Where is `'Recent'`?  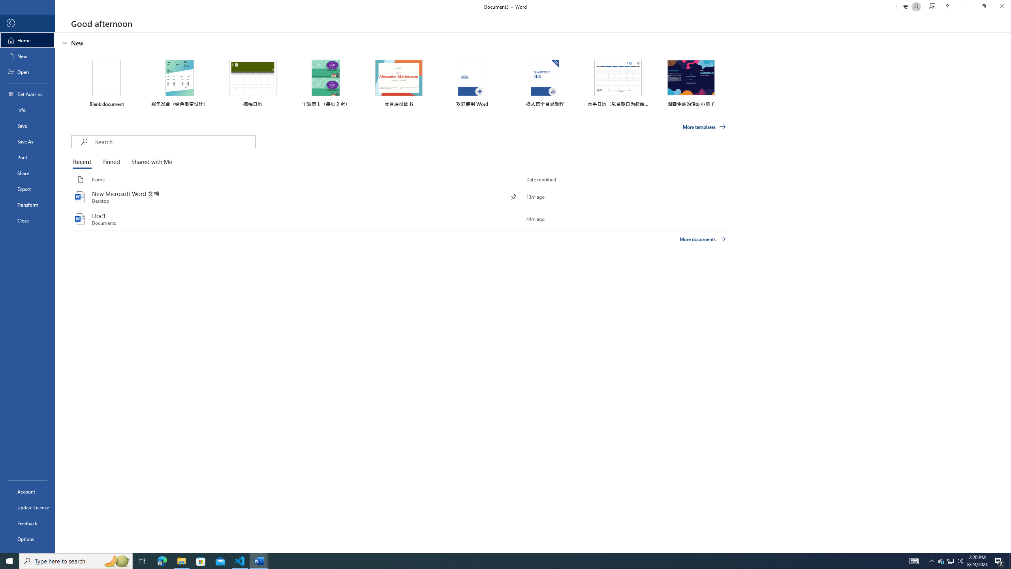 'Recent' is located at coordinates (83, 162).